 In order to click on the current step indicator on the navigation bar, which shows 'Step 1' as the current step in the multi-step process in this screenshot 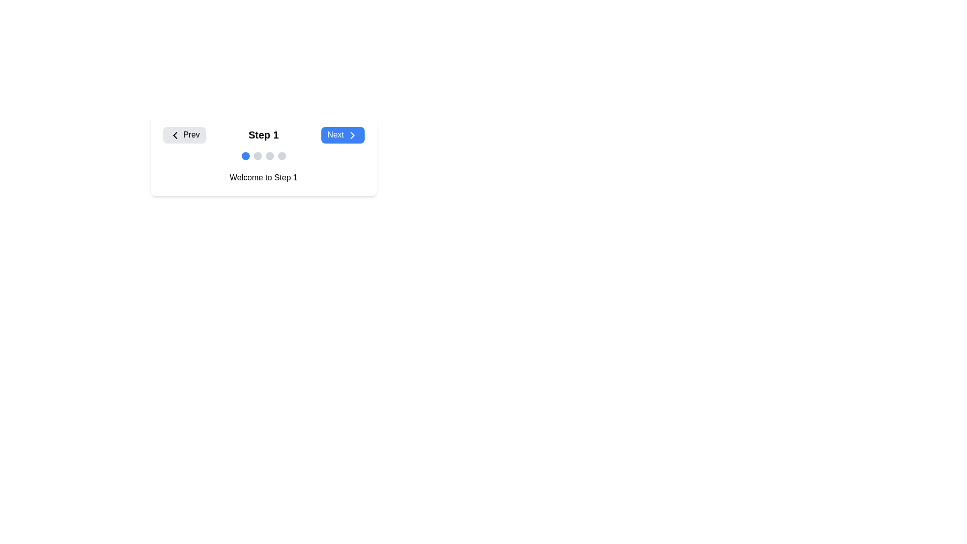, I will do `click(263, 134)`.